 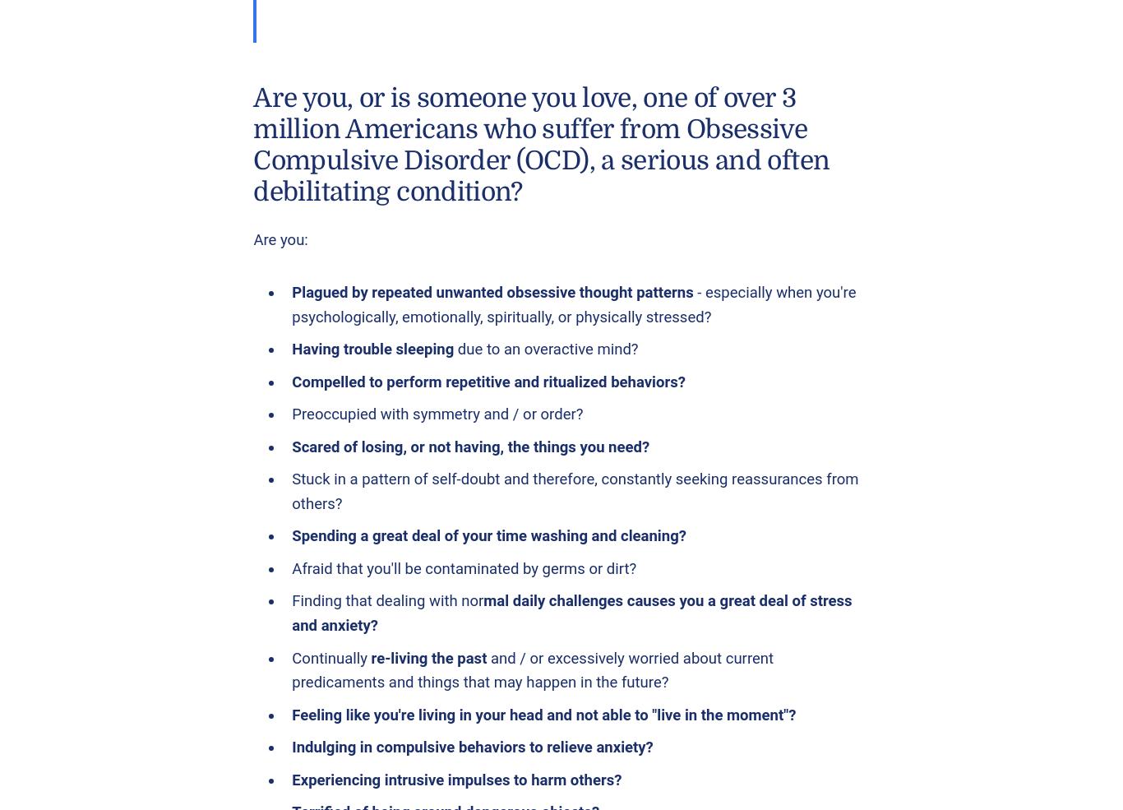 I want to click on 'NassauGuidance.com', so click(x=164, y=174).